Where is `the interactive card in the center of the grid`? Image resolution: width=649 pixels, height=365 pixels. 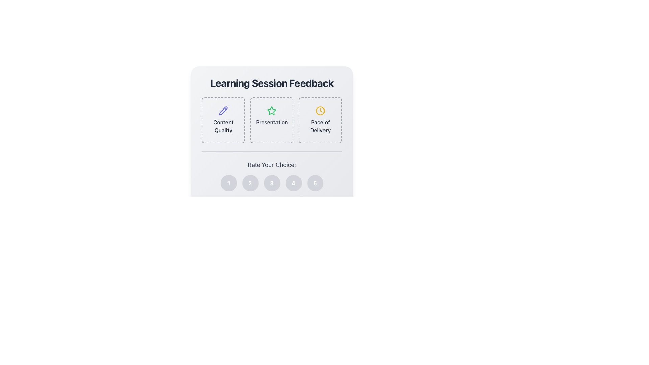
the interactive card in the center of the grid is located at coordinates (272, 120).